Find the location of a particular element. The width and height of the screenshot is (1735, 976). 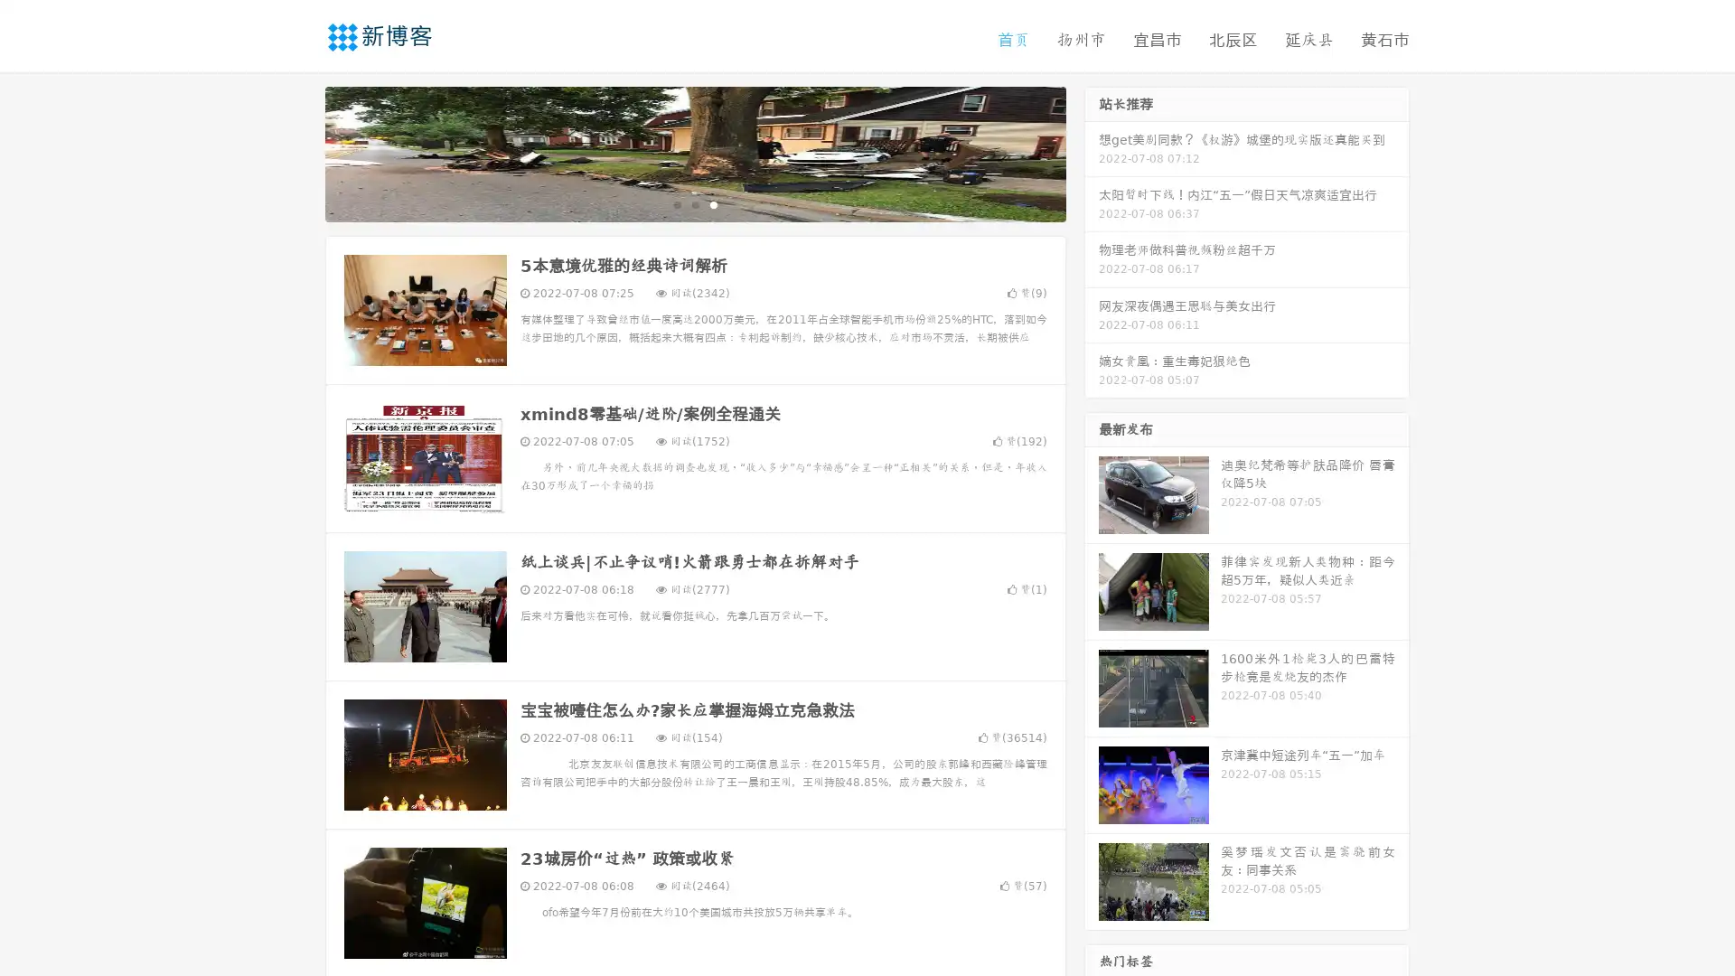

Go to slide 3 is located at coordinates (713, 203).